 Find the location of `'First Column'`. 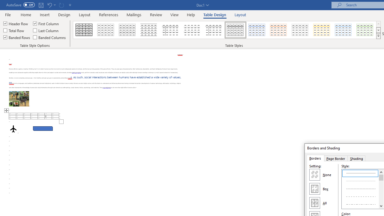

'First Column' is located at coordinates (46, 23).